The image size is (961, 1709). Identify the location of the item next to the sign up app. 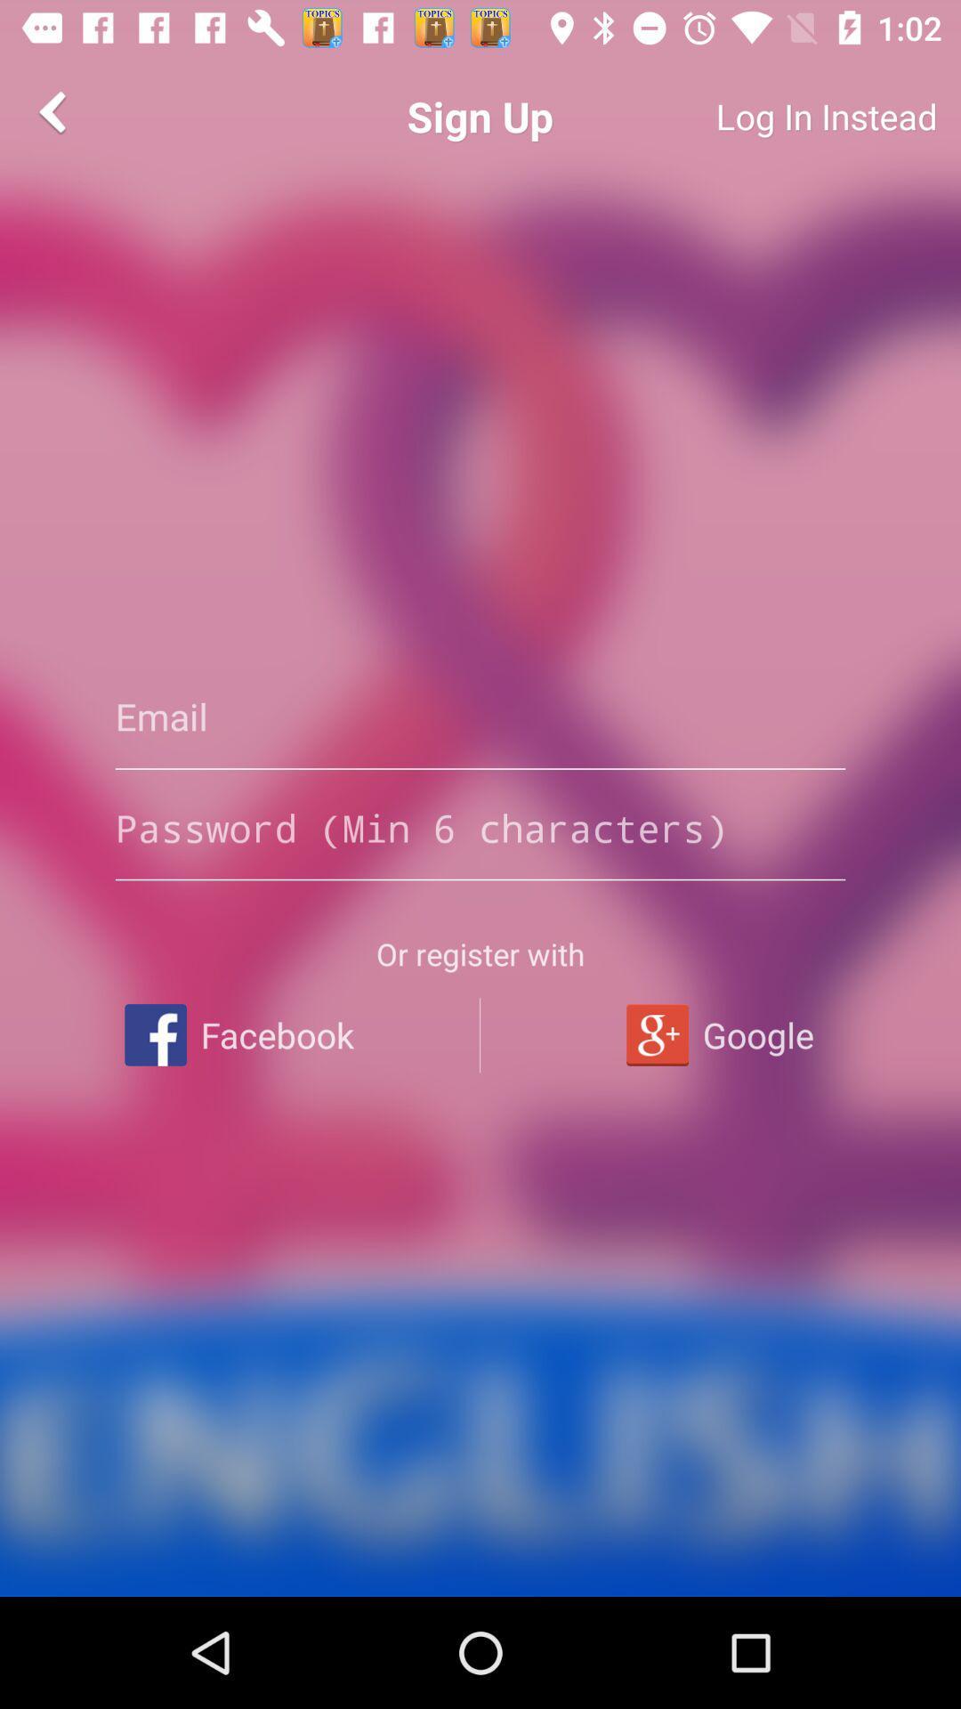
(54, 110).